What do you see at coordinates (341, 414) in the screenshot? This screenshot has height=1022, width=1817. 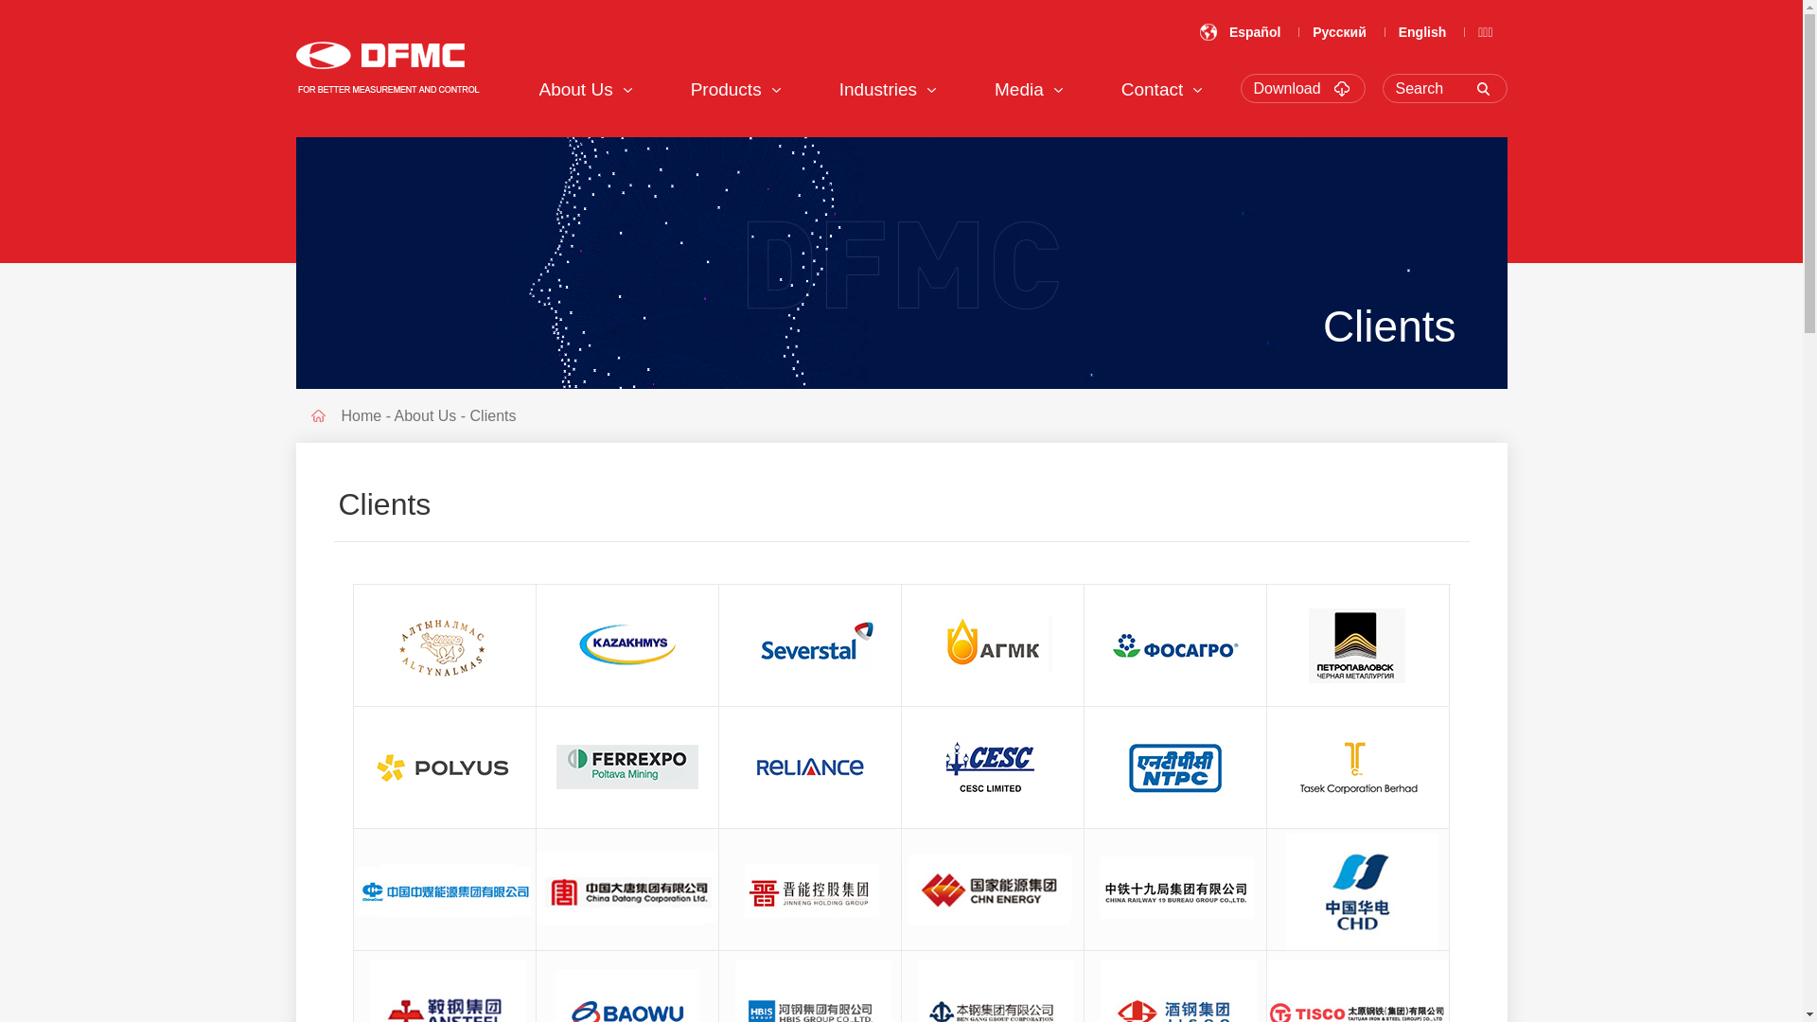 I see `'Home'` at bounding box center [341, 414].